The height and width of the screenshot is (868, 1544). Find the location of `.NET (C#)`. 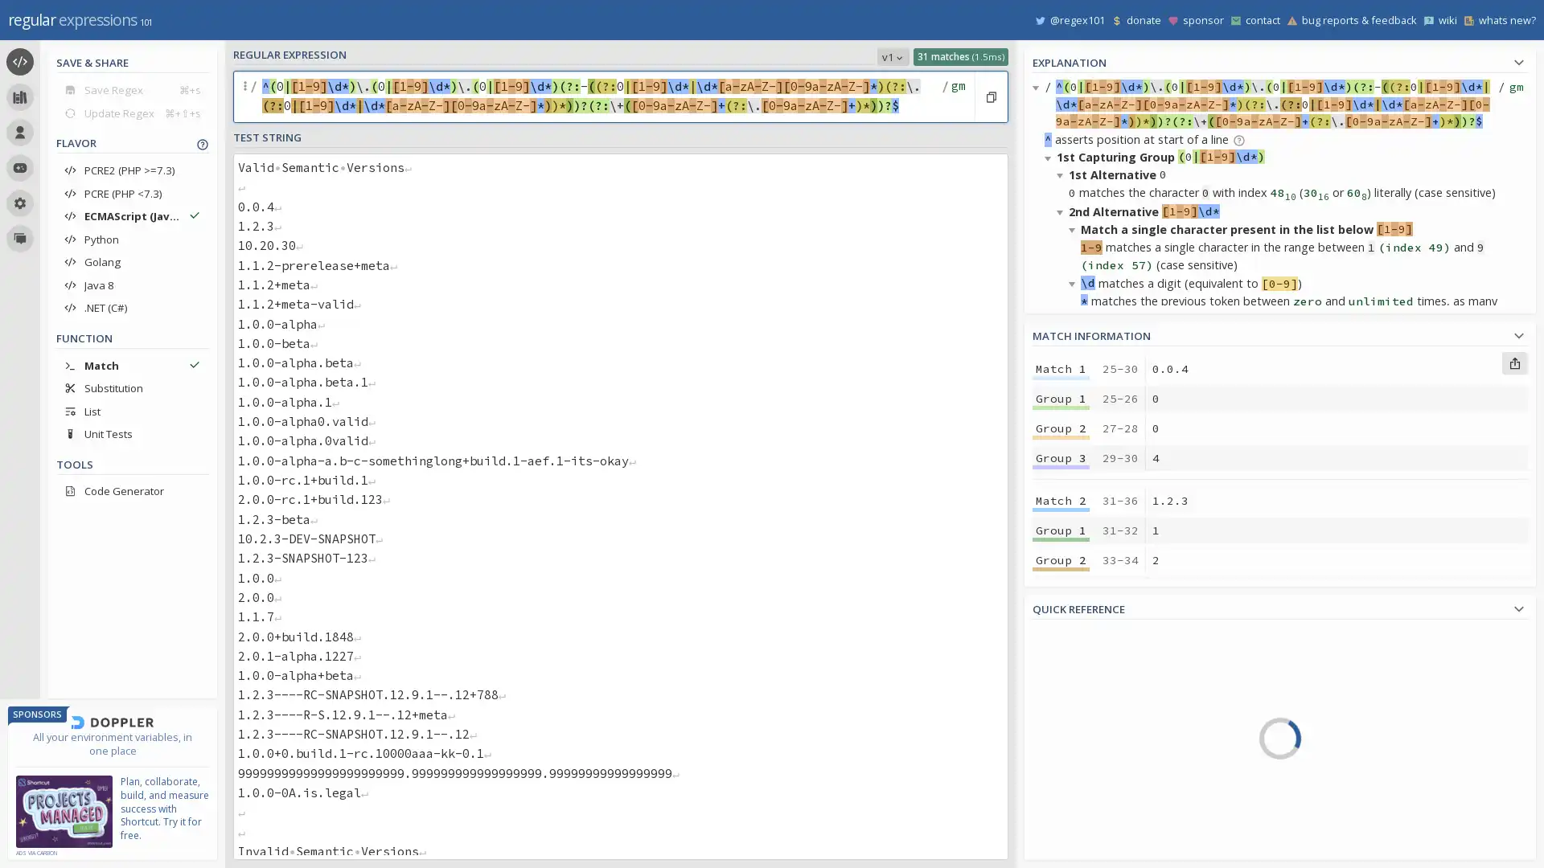

.NET (C#) is located at coordinates (132, 307).